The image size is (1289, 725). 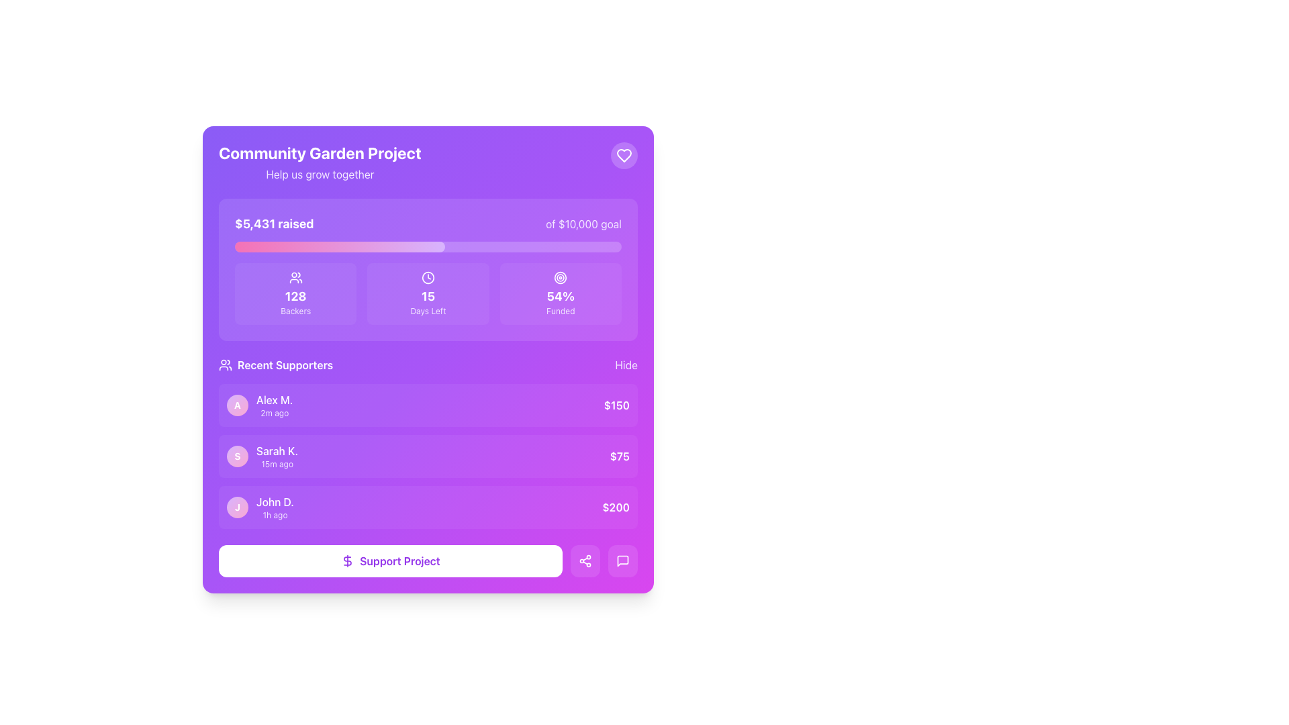 I want to click on the prominent text label displaying the amount '$150' in bold white font, located in the 'Recent Supporters' section and aligned to the right side of the row, so click(x=616, y=405).